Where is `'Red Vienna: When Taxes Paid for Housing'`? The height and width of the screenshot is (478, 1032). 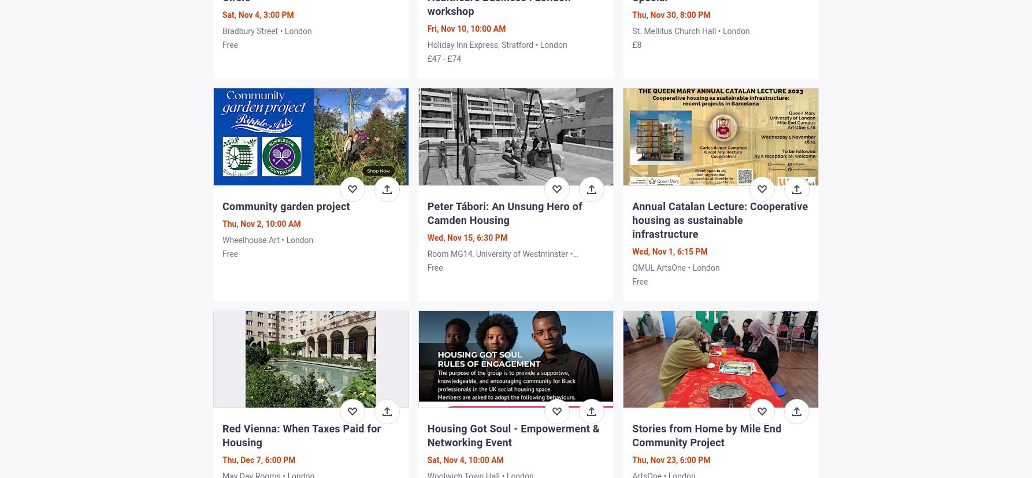 'Red Vienna: When Taxes Paid for Housing' is located at coordinates (301, 434).